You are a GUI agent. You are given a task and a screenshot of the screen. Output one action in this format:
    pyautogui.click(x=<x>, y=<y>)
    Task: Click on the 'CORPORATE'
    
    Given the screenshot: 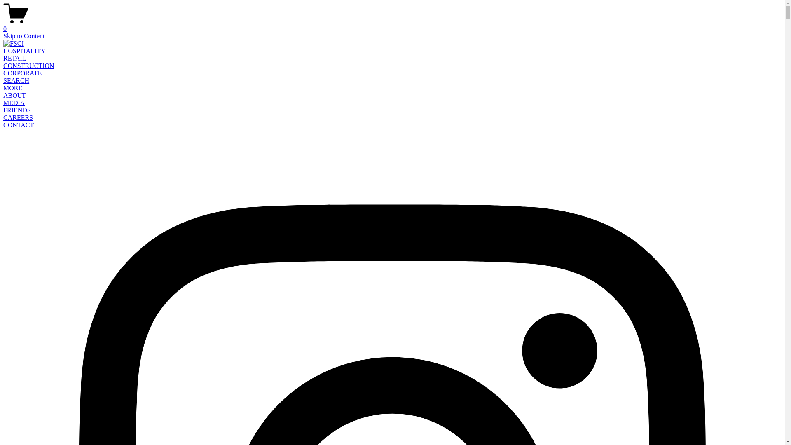 What is the action you would take?
    pyautogui.click(x=22, y=73)
    